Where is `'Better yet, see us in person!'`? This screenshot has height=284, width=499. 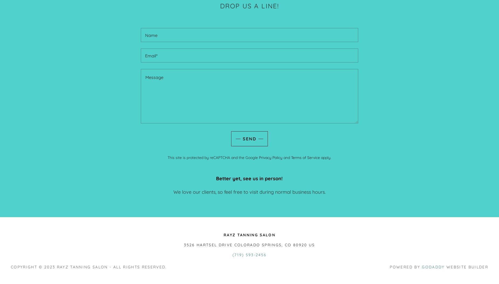
'Better yet, see us in person!' is located at coordinates (249, 178).